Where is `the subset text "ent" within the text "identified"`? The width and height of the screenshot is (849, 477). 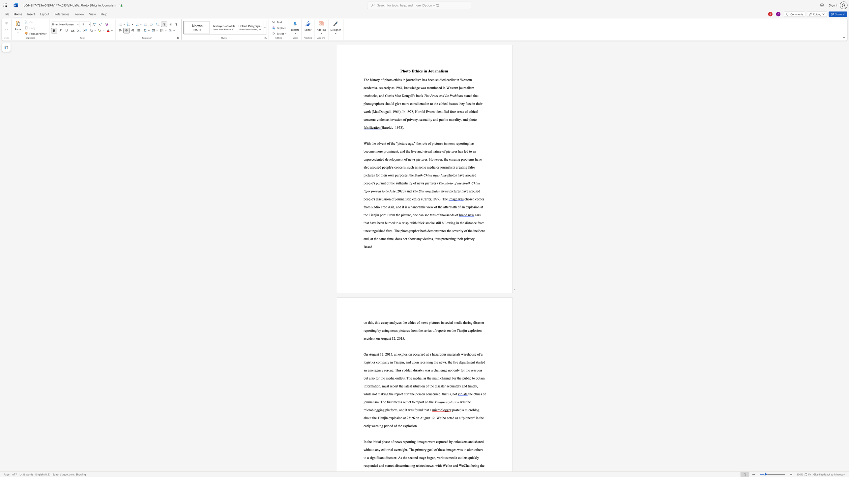 the subset text "ent" within the text "identified" is located at coordinates (438, 111).